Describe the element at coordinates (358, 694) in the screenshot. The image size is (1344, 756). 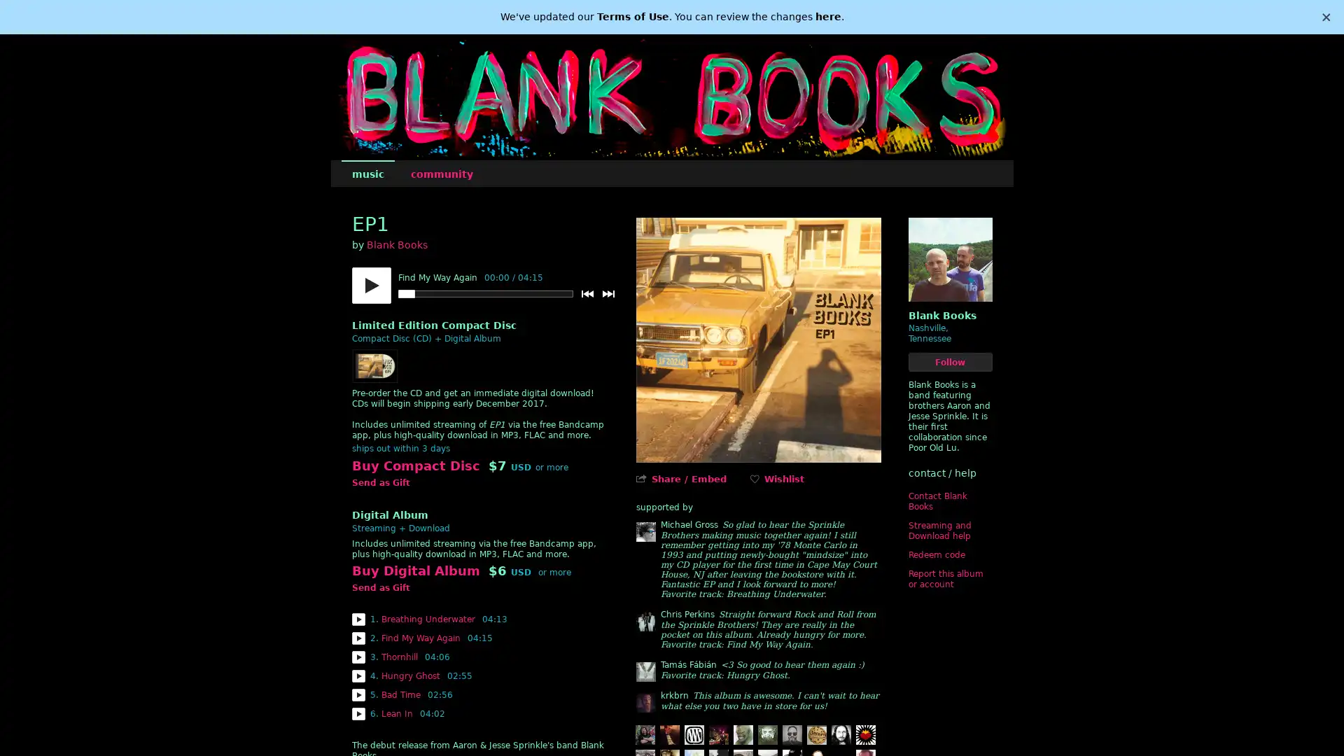
I see `Play Bad Time` at that location.